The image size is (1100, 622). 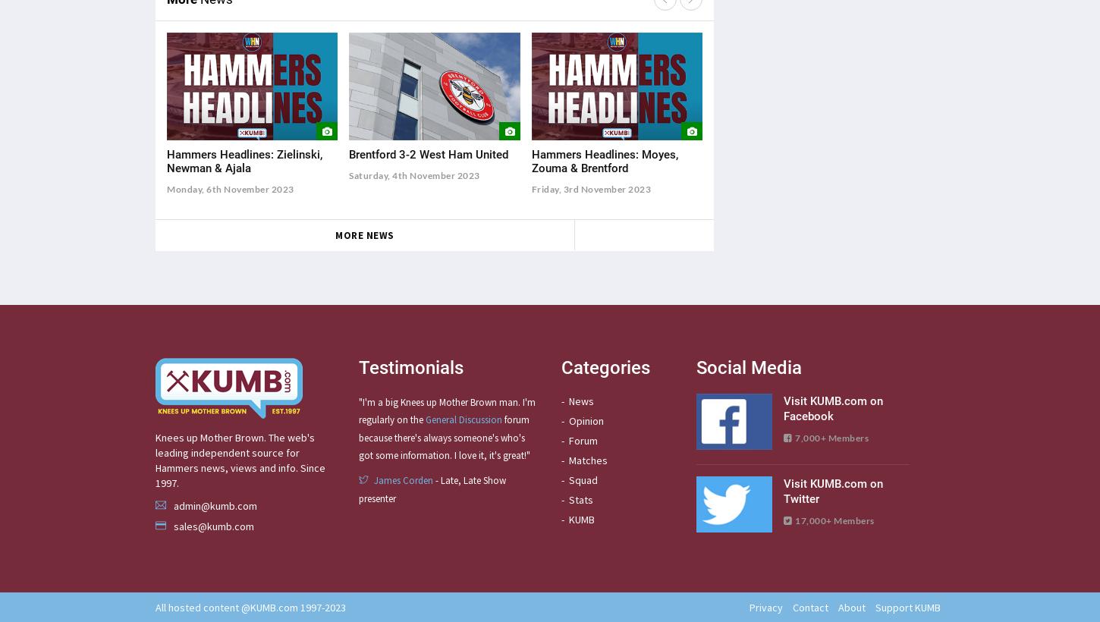 I want to click on 'General Discussion', so click(x=424, y=419).